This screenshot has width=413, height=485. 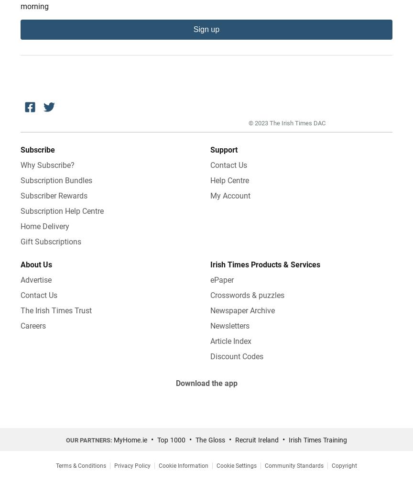 I want to click on 'Community Standards', so click(x=293, y=465).